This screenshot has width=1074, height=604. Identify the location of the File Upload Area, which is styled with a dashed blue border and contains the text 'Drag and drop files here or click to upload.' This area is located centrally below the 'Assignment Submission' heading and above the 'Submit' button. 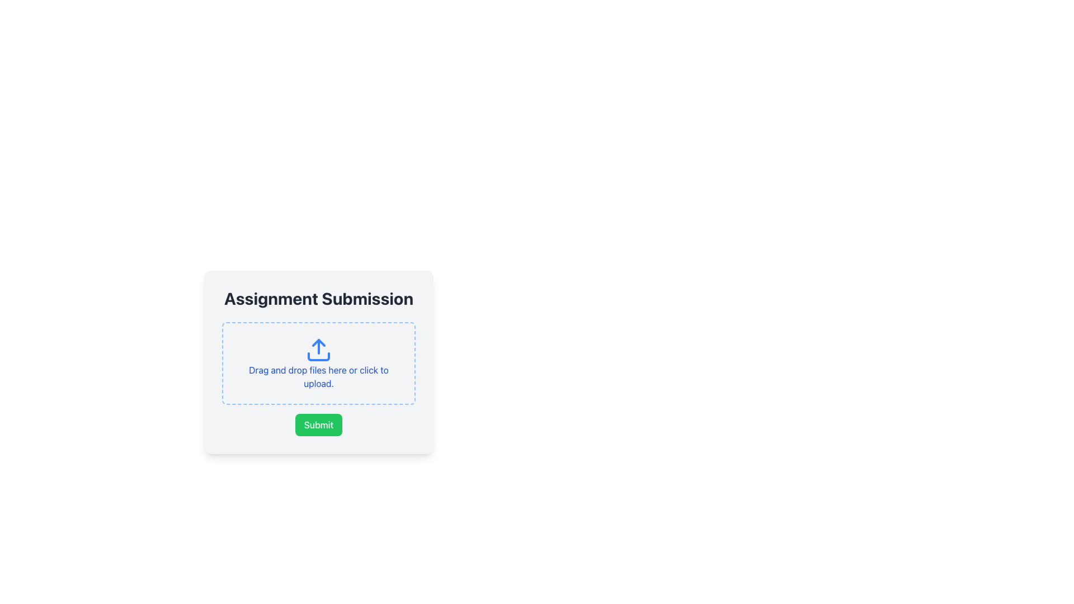
(318, 364).